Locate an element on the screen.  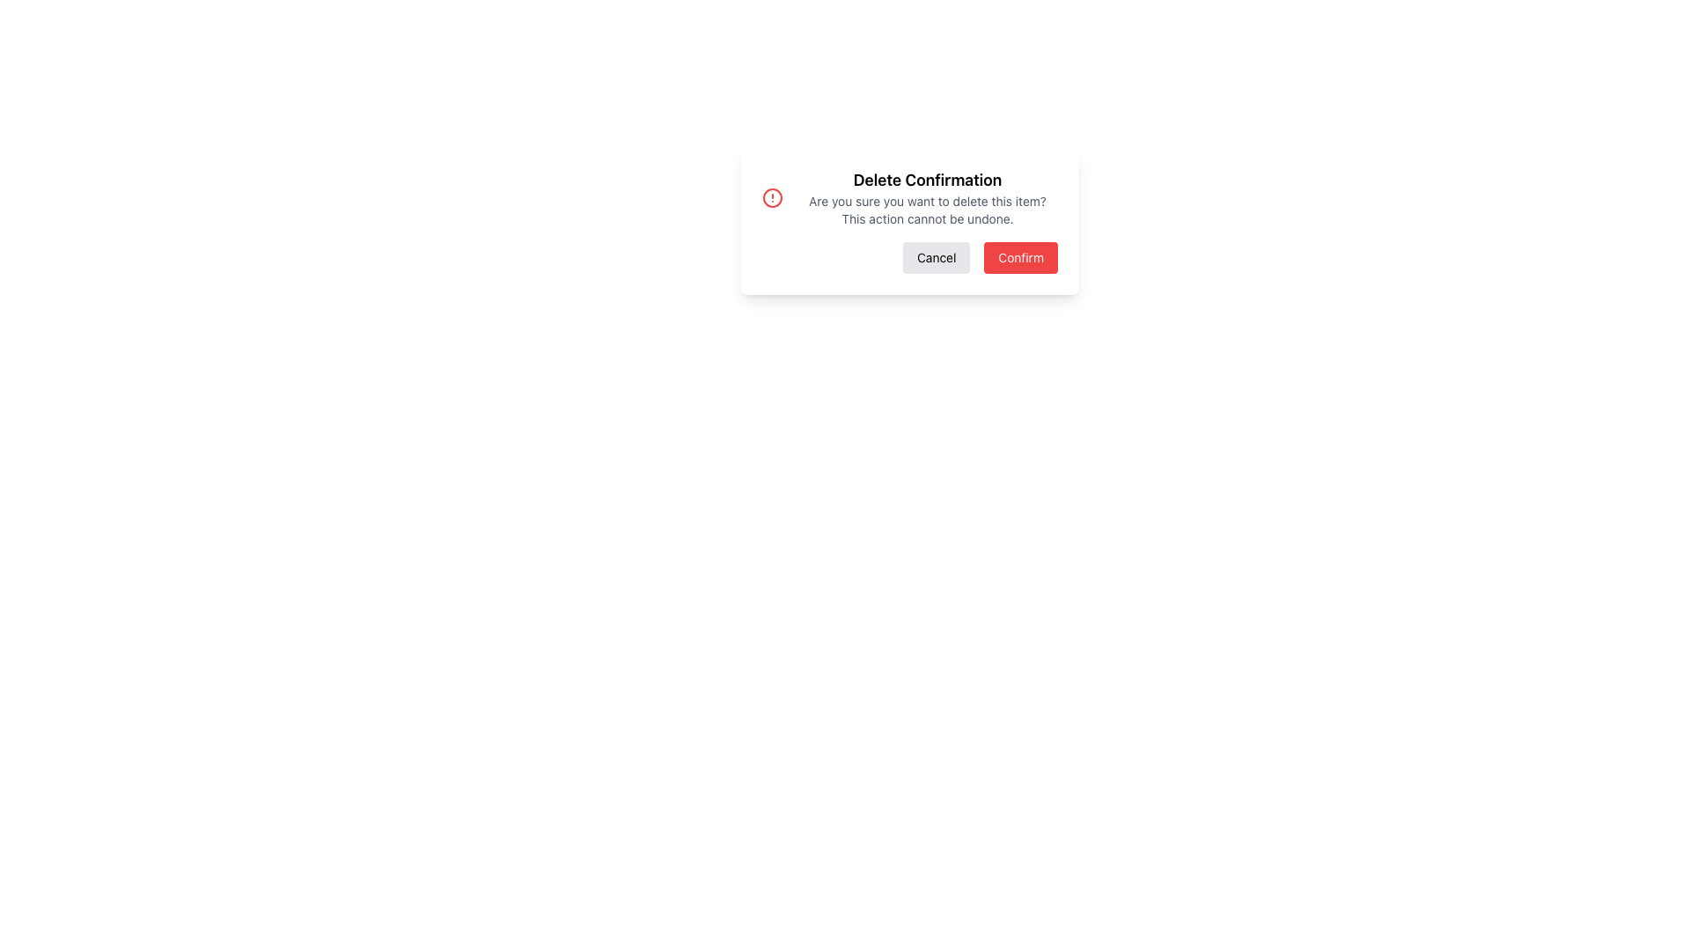
the 'Cancel' button located in the horizontal button group below the main text in the dialog box to abort the current action is located at coordinates (936, 258).